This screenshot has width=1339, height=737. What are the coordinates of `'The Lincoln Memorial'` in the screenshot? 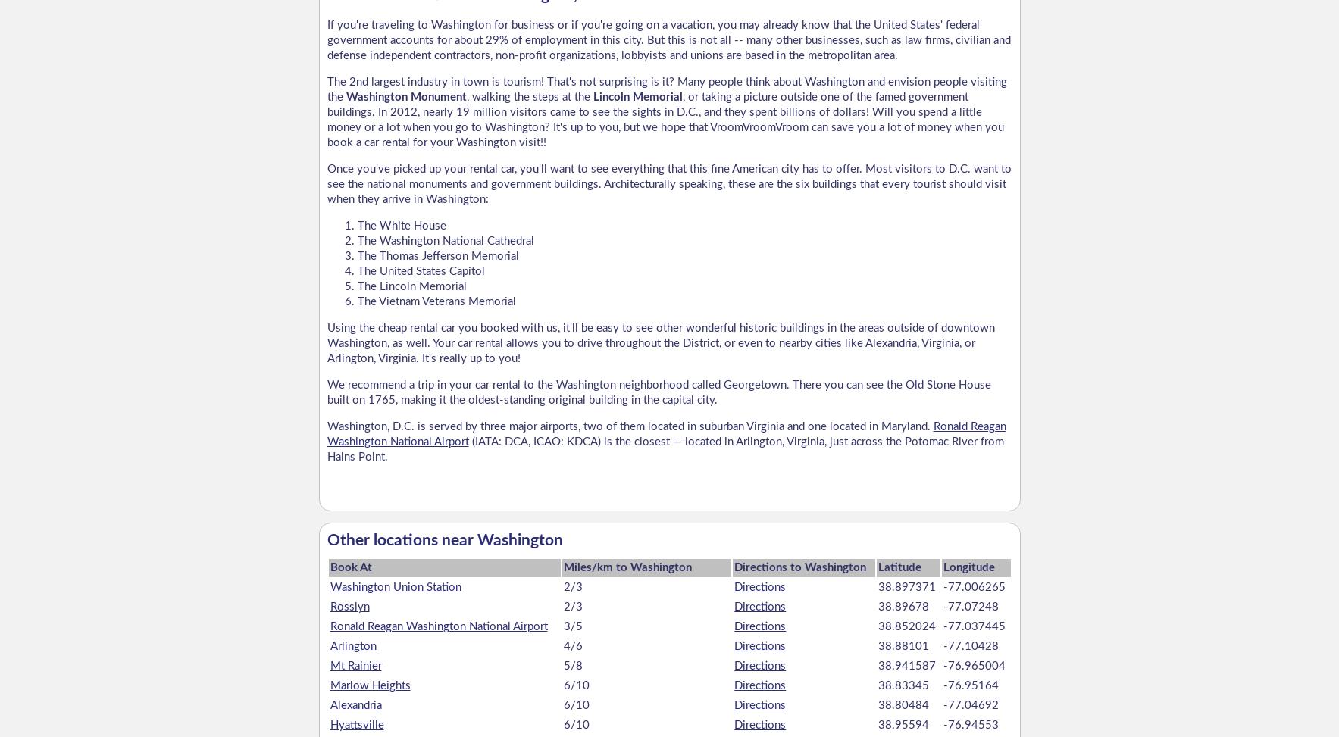 It's located at (411, 285).